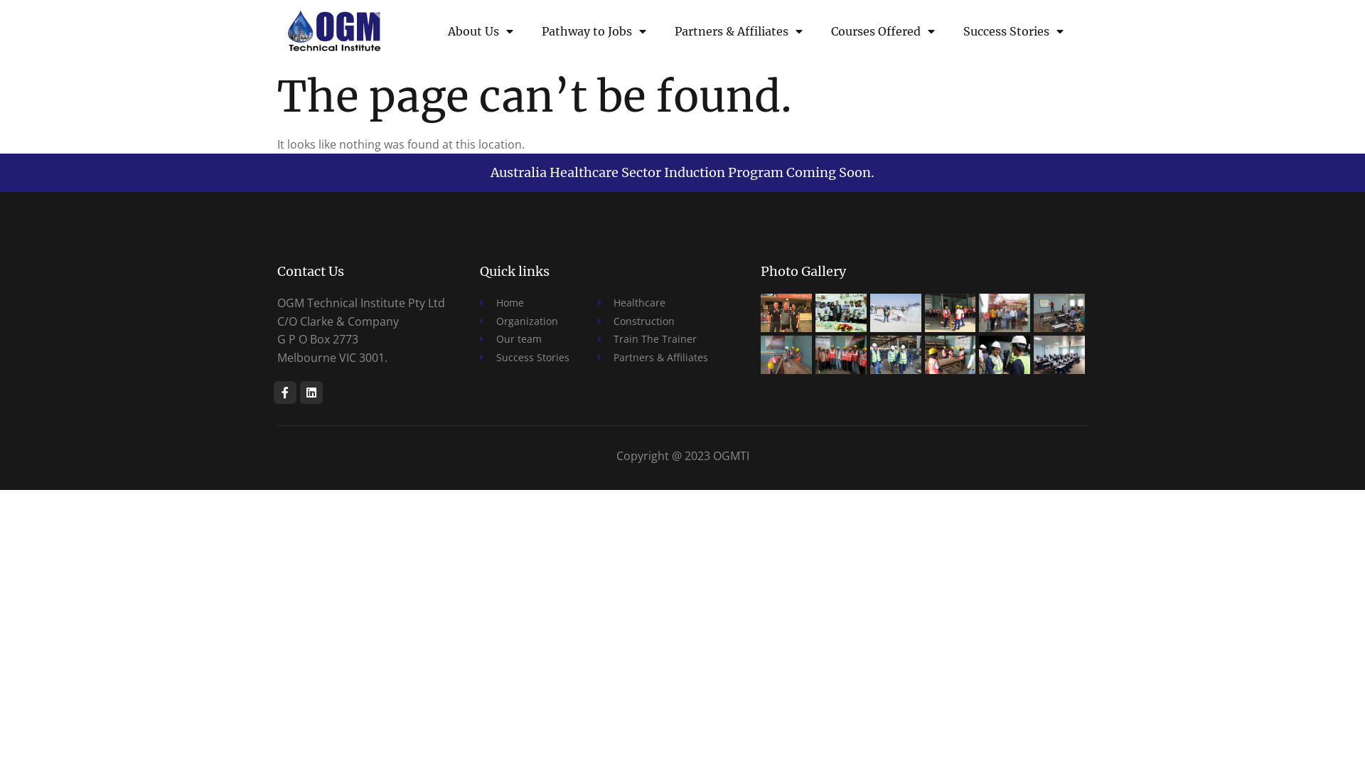 This screenshot has height=768, width=1365. I want to click on 'Construction', so click(651, 321).